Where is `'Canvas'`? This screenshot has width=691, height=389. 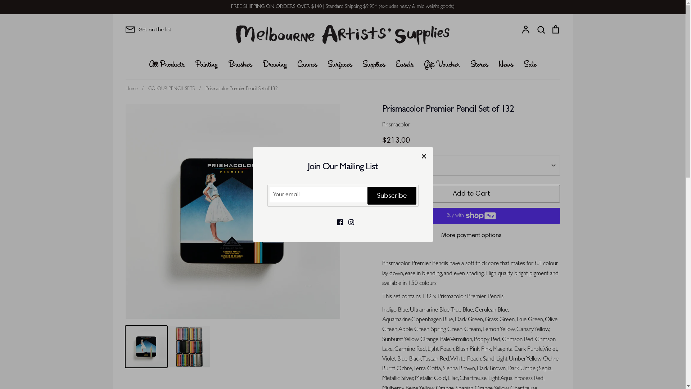
'Canvas' is located at coordinates (307, 65).